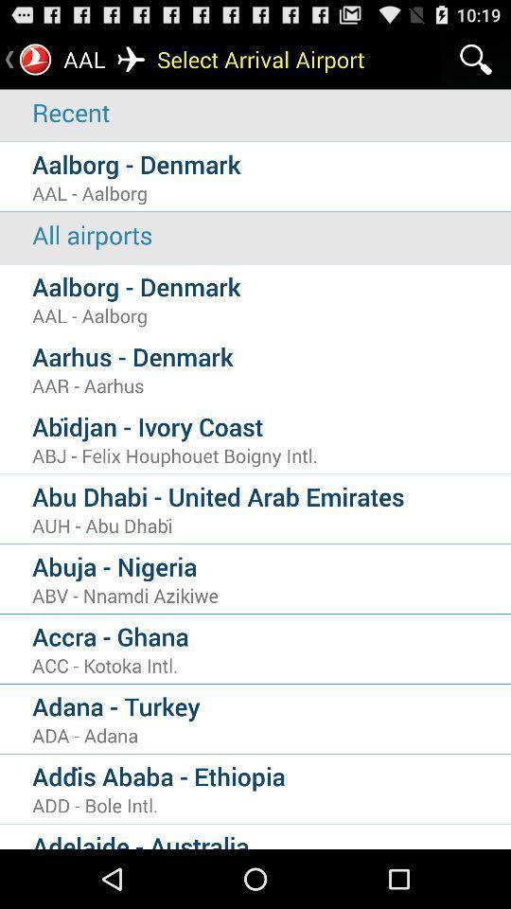  Describe the element at coordinates (271, 426) in the screenshot. I see `the abi djan ivory` at that location.